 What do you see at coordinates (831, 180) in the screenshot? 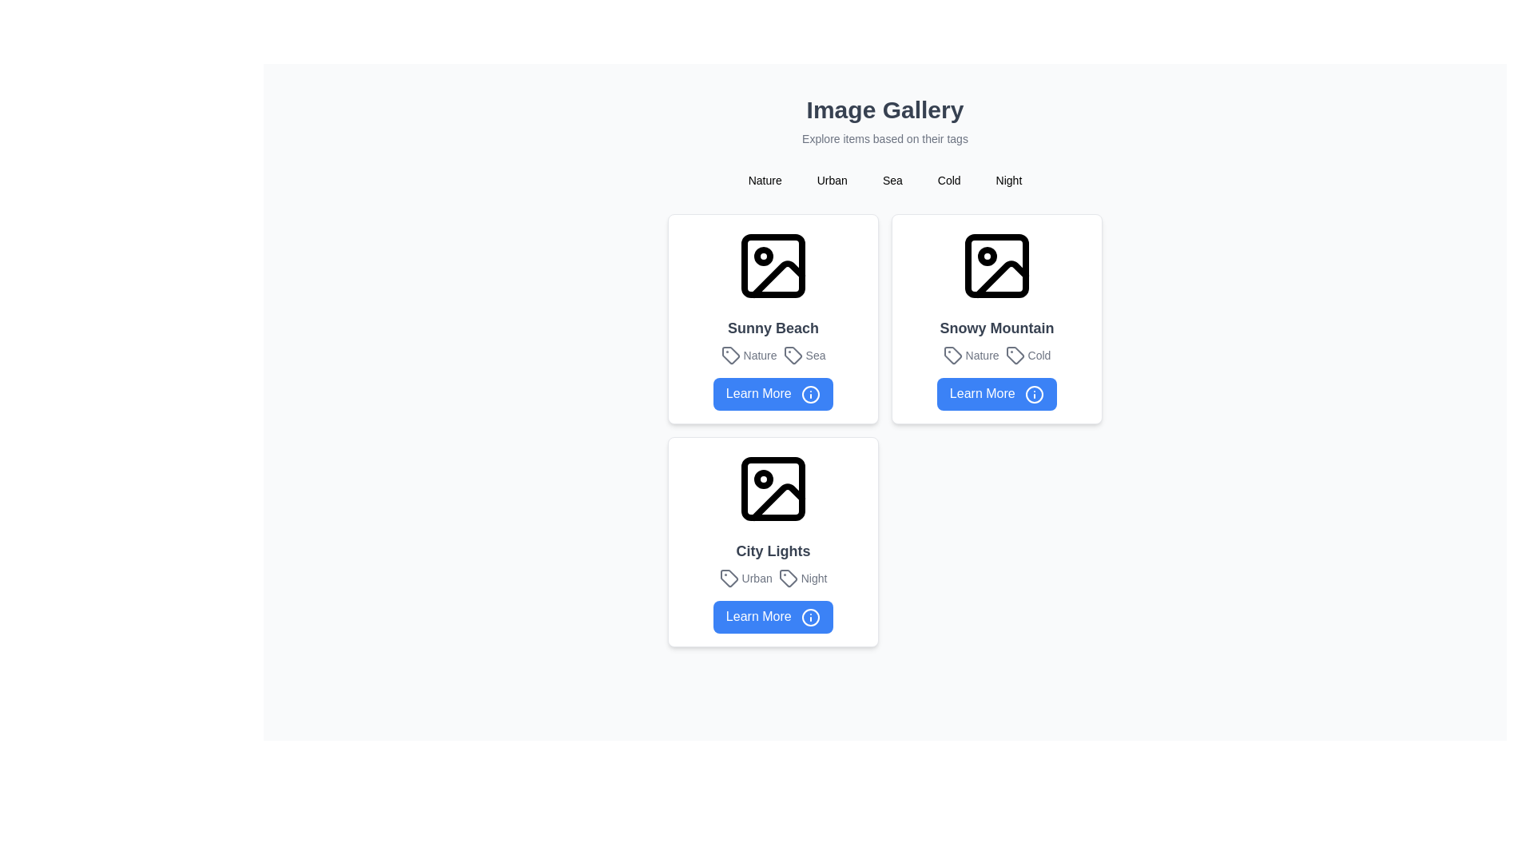
I see `the 'Urban' filter button located between 'Nature' and 'Sea'` at bounding box center [831, 180].